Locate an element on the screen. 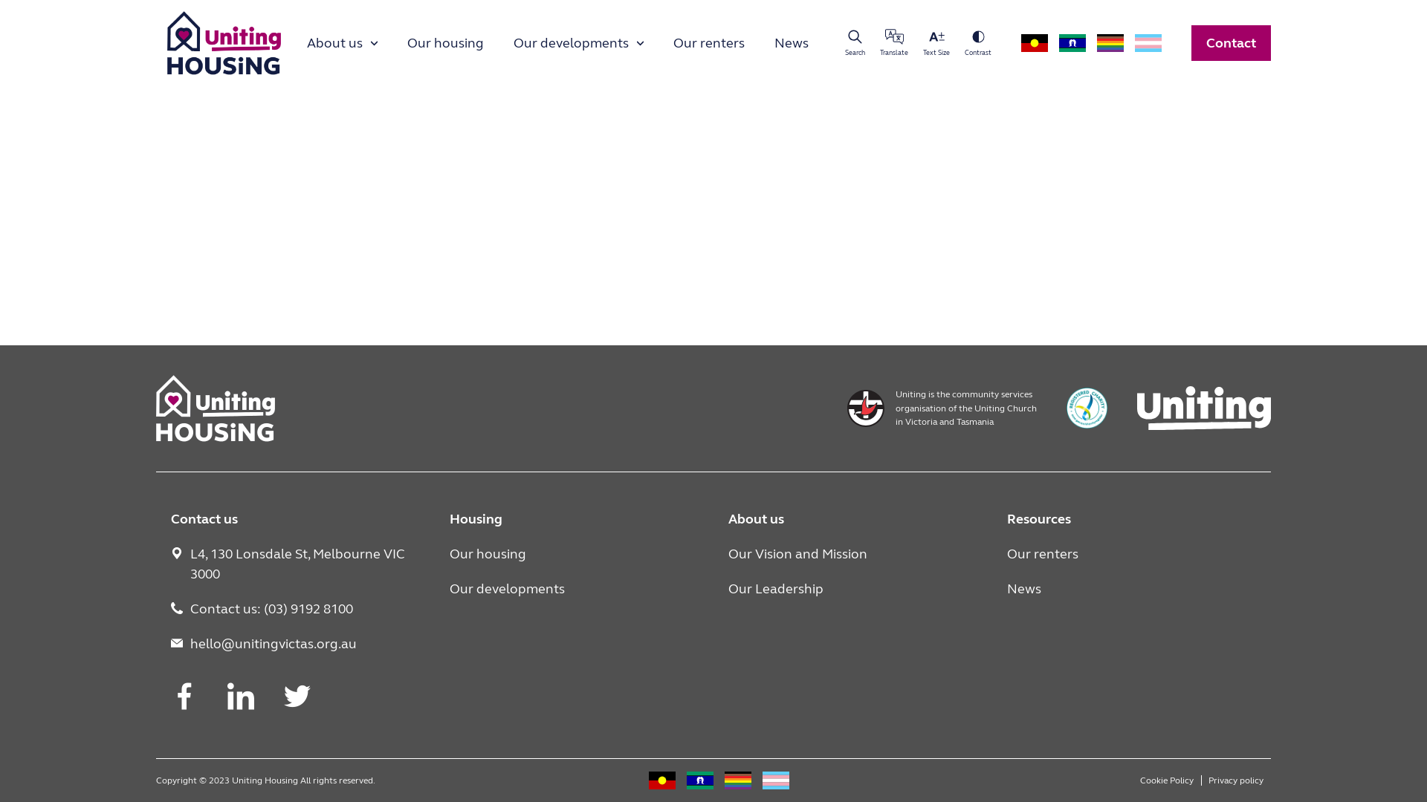 The width and height of the screenshot is (1427, 802). 'Facebook' is located at coordinates (184, 697).